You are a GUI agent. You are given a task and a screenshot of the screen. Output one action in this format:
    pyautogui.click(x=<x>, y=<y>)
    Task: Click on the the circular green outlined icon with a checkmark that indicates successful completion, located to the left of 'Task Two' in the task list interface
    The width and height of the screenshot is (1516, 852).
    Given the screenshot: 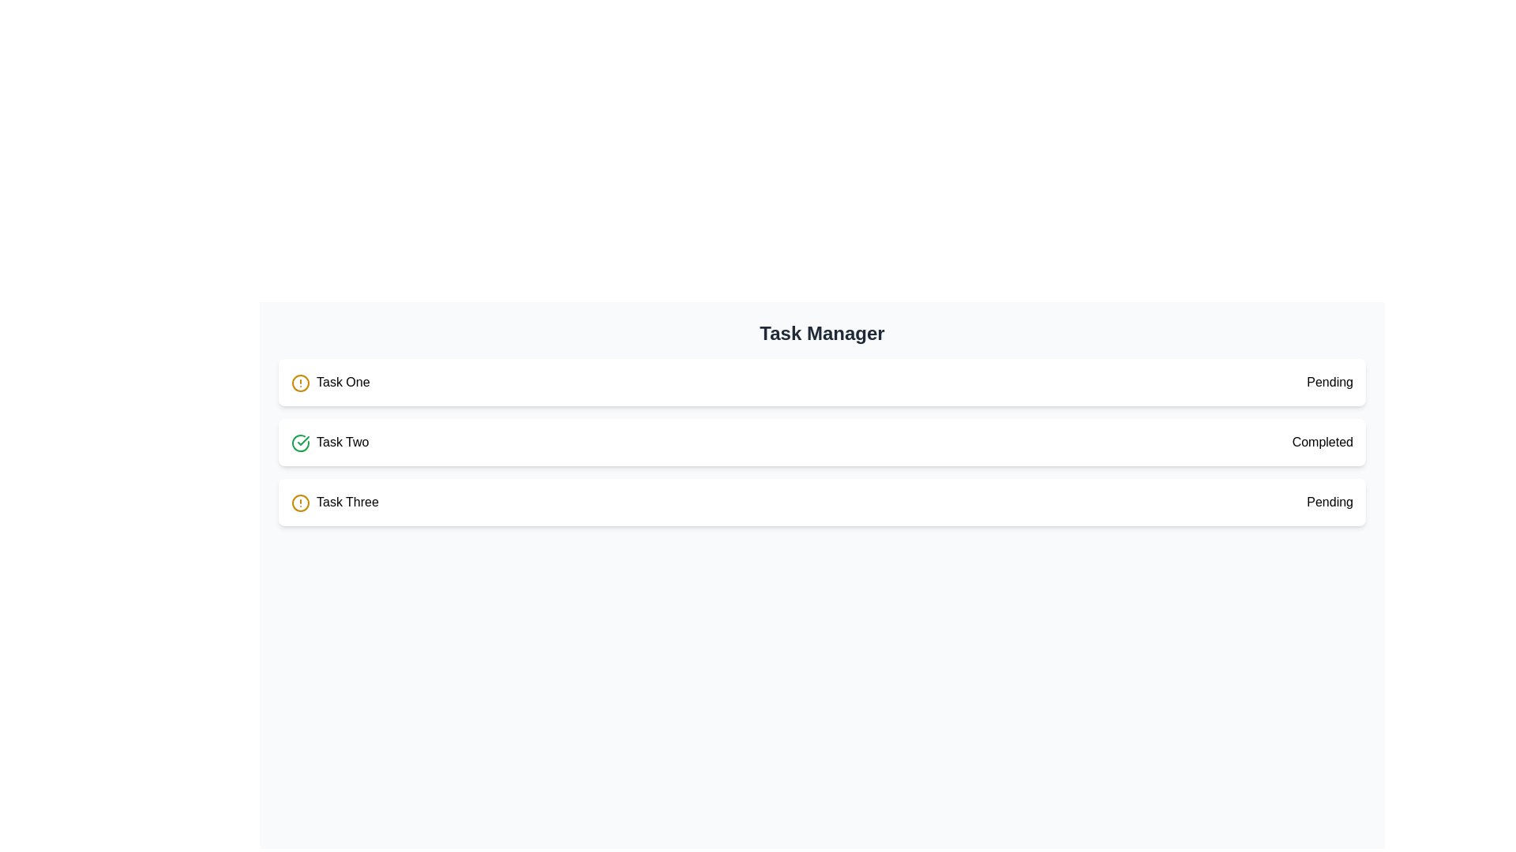 What is the action you would take?
    pyautogui.click(x=300, y=443)
    